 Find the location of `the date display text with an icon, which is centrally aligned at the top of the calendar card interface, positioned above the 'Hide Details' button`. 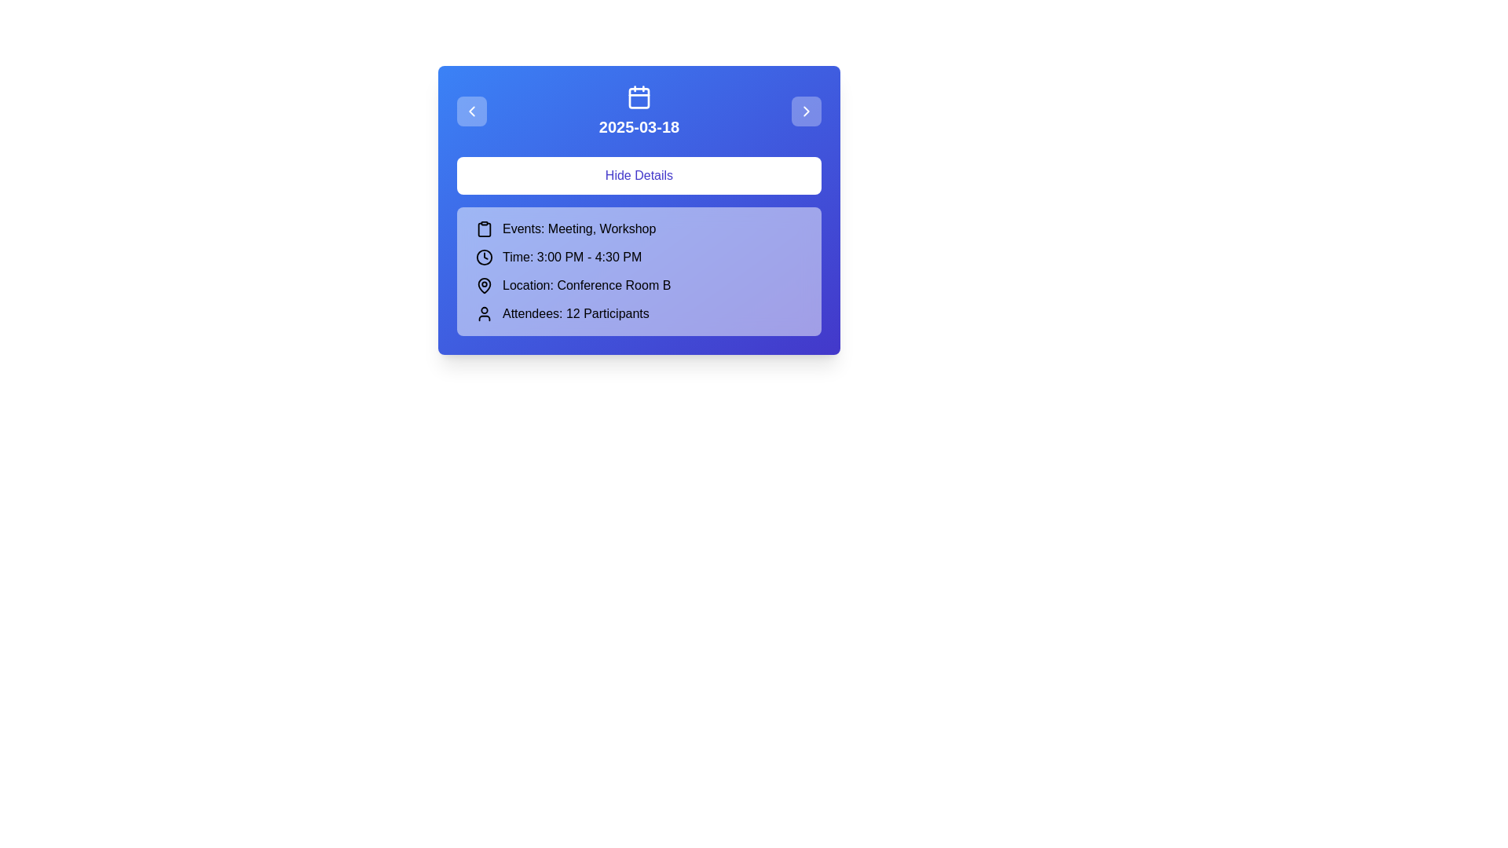

the date display text with an icon, which is centrally aligned at the top of the calendar card interface, positioned above the 'Hide Details' button is located at coordinates (639, 111).